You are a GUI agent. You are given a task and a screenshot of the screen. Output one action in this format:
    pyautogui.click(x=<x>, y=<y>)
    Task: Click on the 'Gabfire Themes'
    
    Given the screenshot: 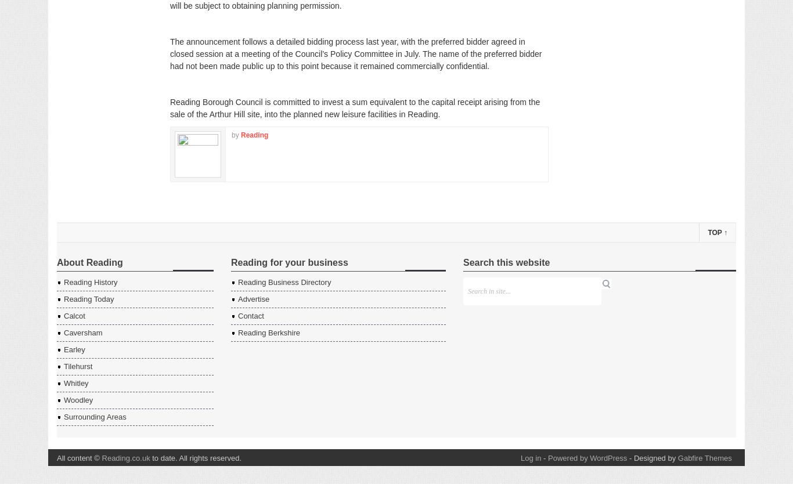 What is the action you would take?
    pyautogui.click(x=704, y=457)
    